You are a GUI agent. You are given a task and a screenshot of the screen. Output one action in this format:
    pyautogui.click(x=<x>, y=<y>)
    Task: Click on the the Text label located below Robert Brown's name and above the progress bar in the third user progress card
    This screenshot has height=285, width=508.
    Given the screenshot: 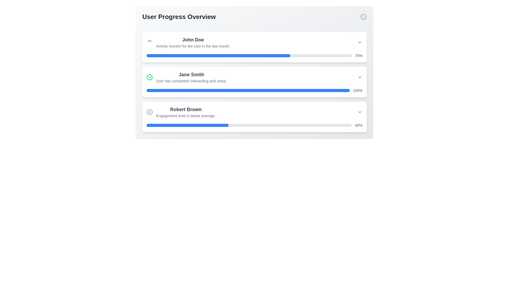 What is the action you would take?
    pyautogui.click(x=186, y=116)
    